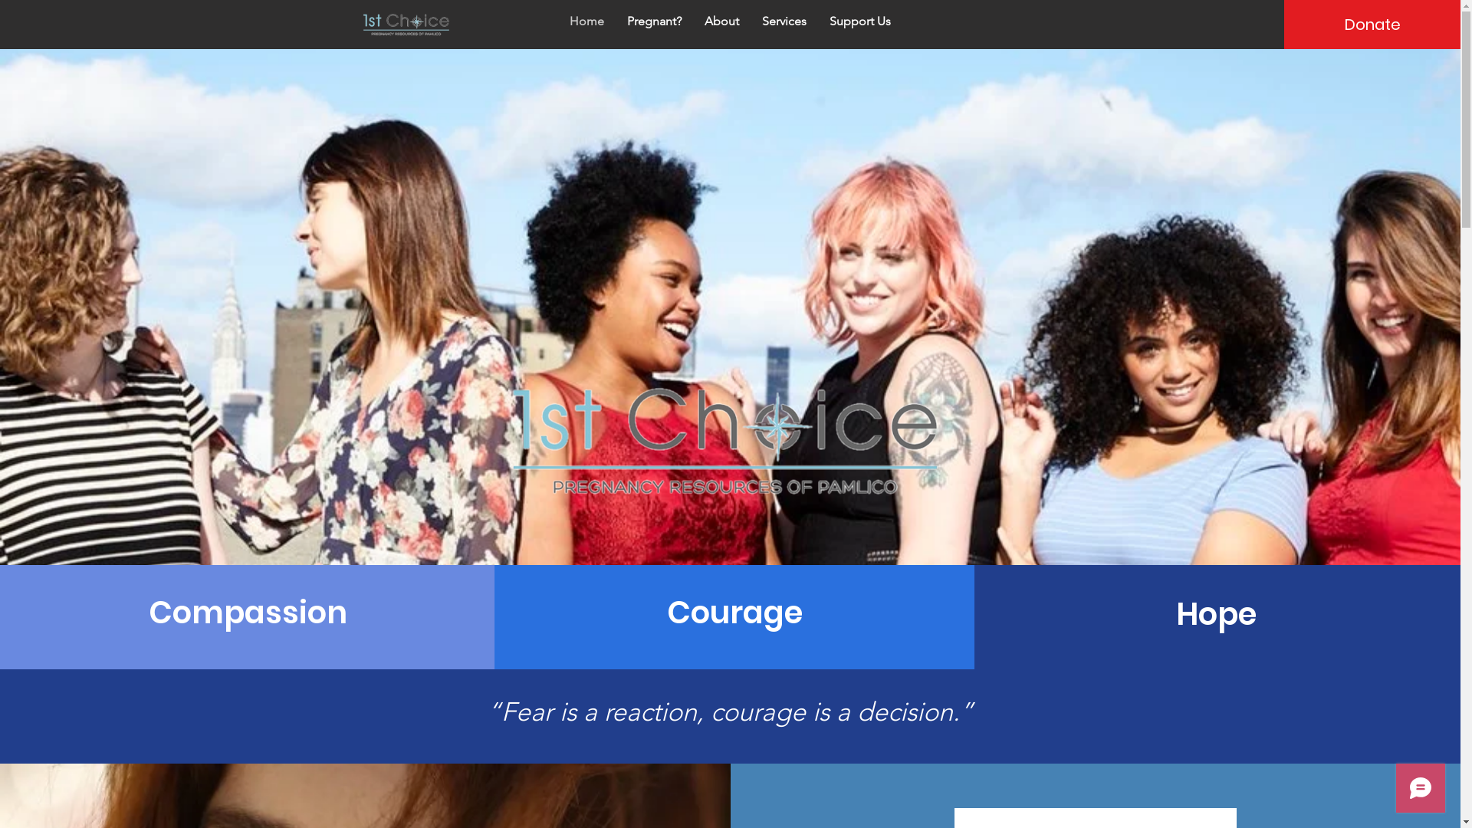  I want to click on 'Donate', so click(1372, 24).